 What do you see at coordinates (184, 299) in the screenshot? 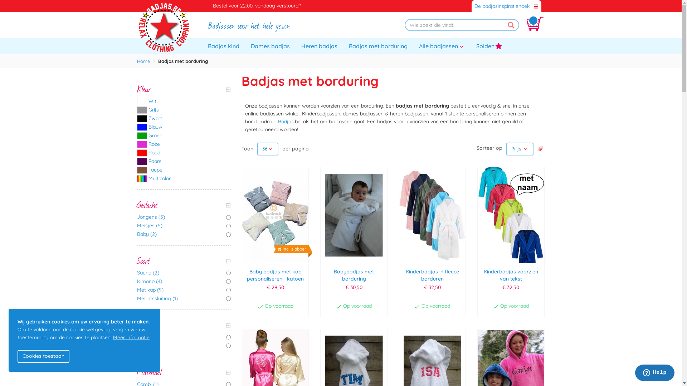
I see `'Met ritssluiting` at bounding box center [184, 299].